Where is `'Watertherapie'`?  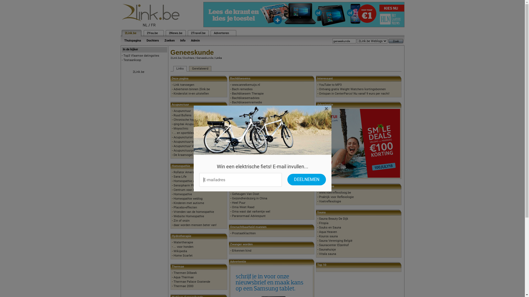
'Watertherapie' is located at coordinates (173, 242).